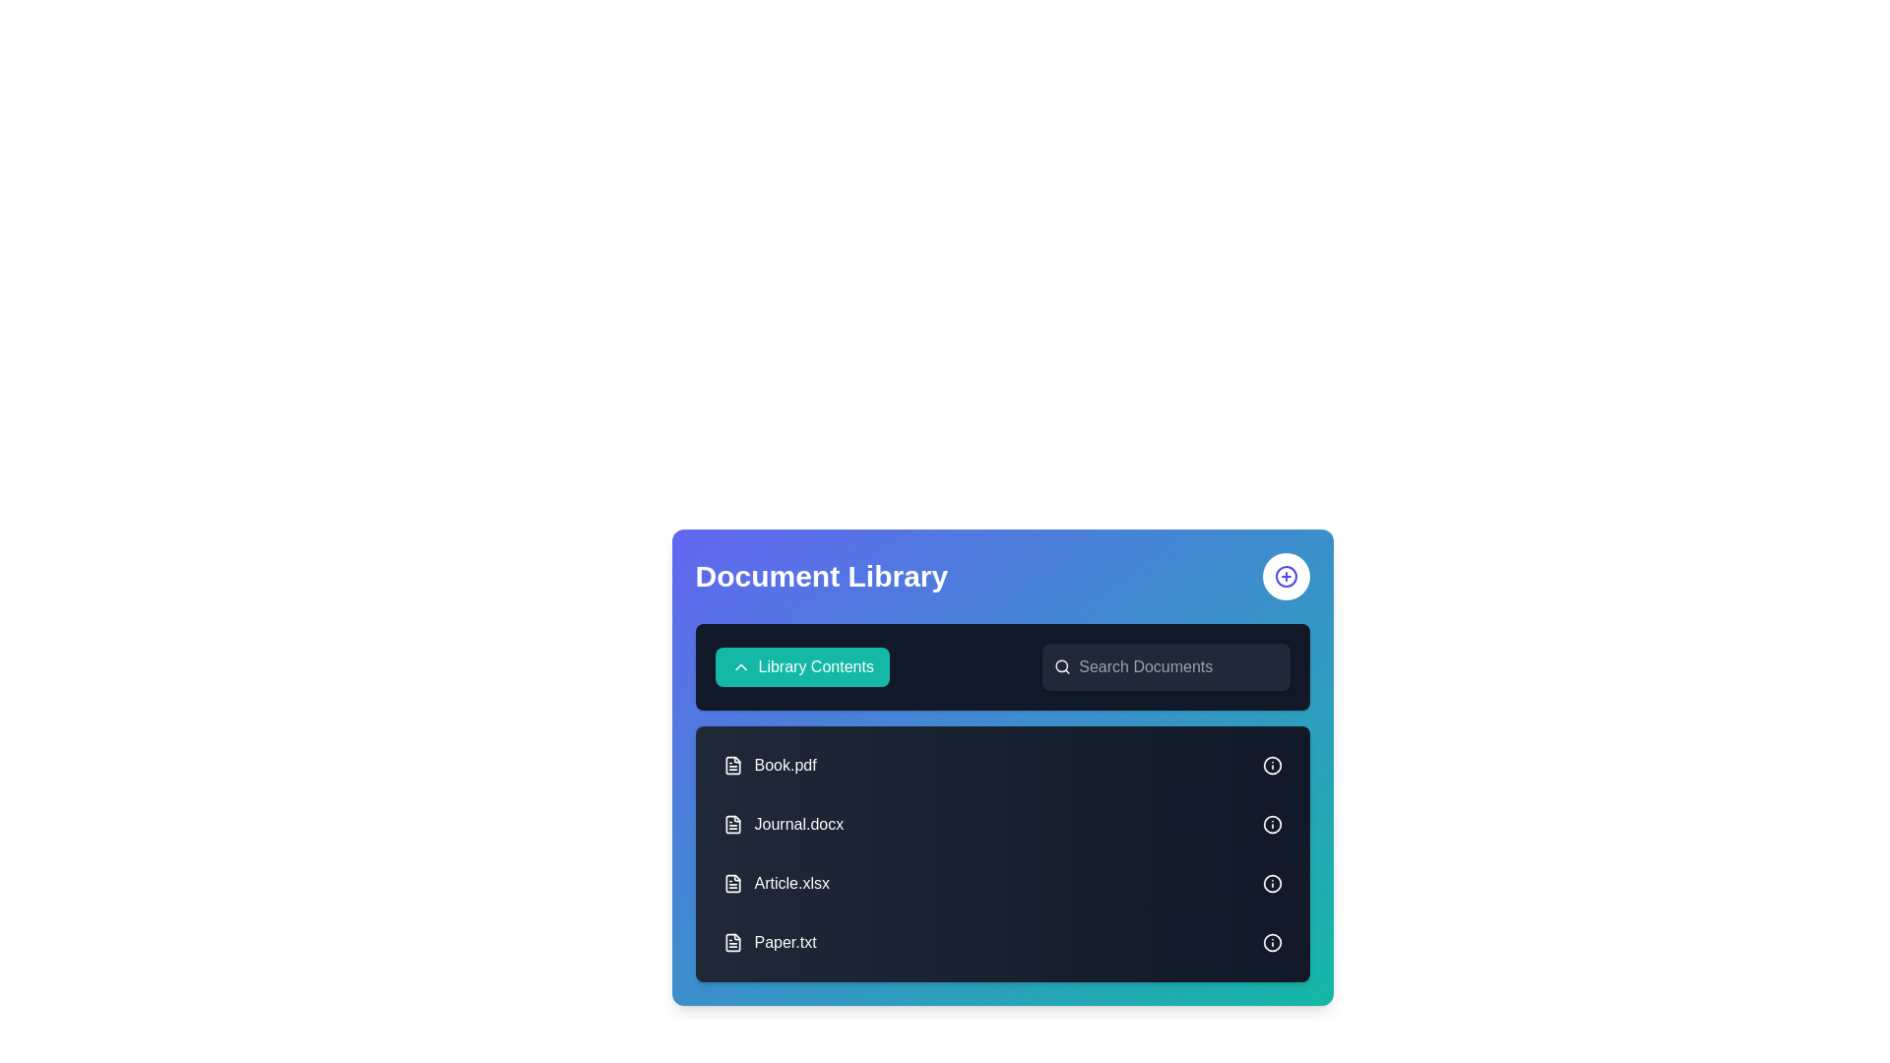 This screenshot has height=1063, width=1890. What do you see at coordinates (731, 941) in the screenshot?
I see `the small, file-related icon styled as a document outline with textual lines inside, located to the left of the text 'Paper.txt' in the last row of the list in the 'Document Library' section` at bounding box center [731, 941].